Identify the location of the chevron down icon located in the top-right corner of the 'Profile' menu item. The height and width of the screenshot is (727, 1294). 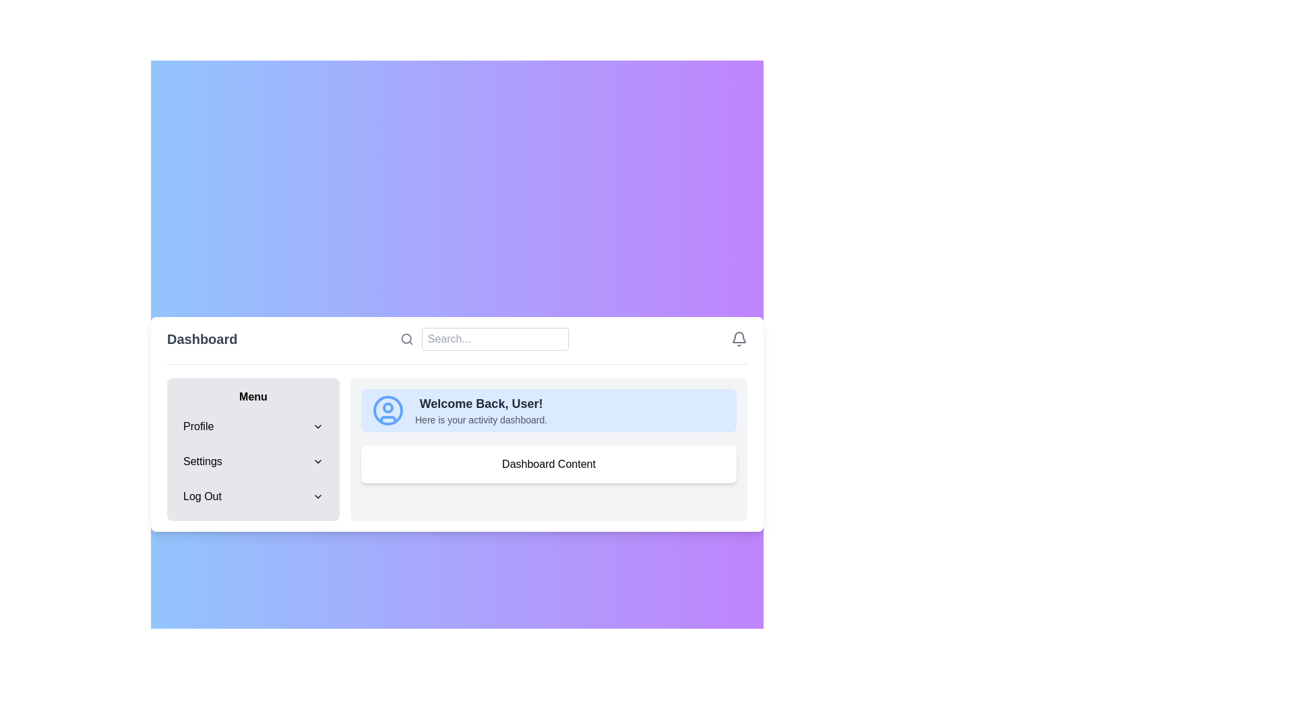
(317, 425).